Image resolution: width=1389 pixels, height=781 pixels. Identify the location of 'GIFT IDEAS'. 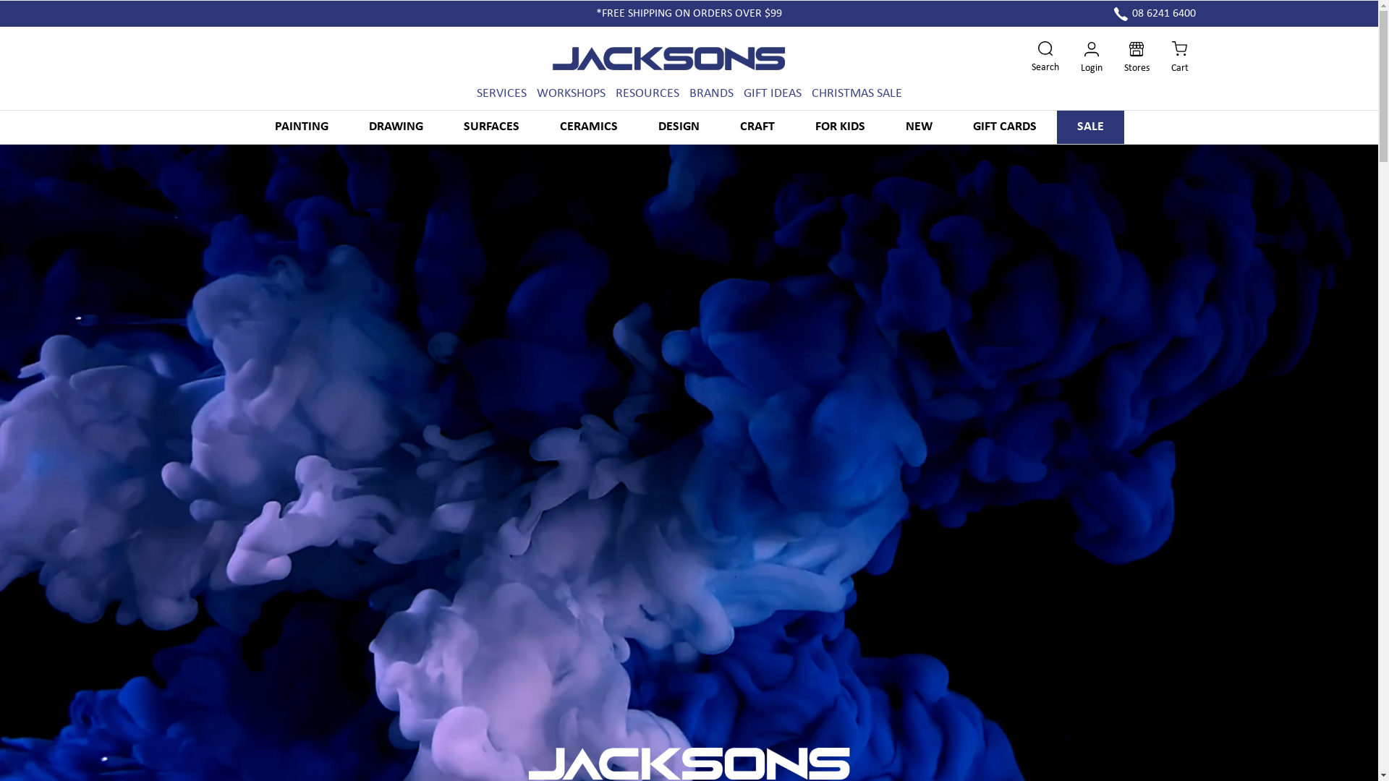
(743, 93).